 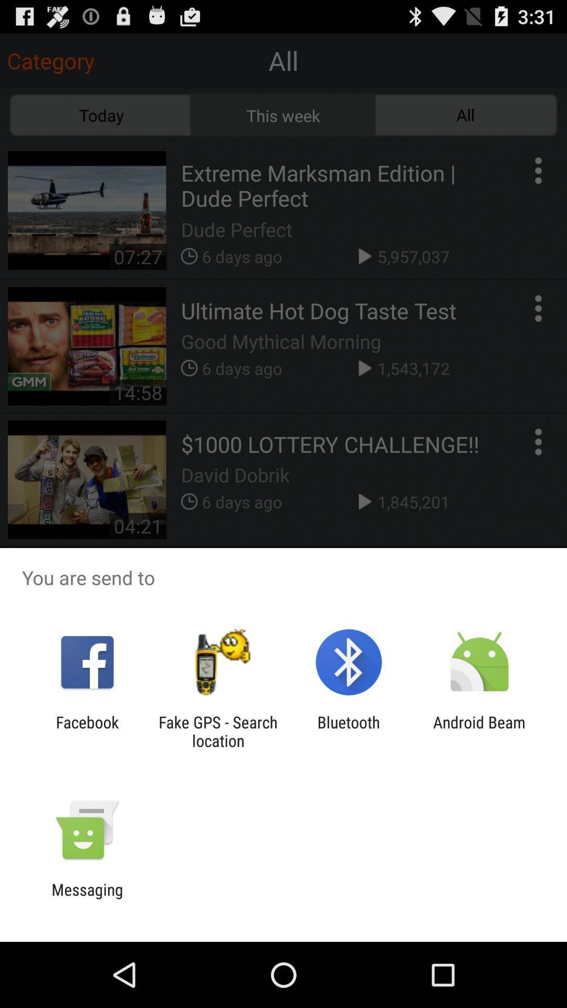 I want to click on app to the left of the android beam app, so click(x=349, y=731).